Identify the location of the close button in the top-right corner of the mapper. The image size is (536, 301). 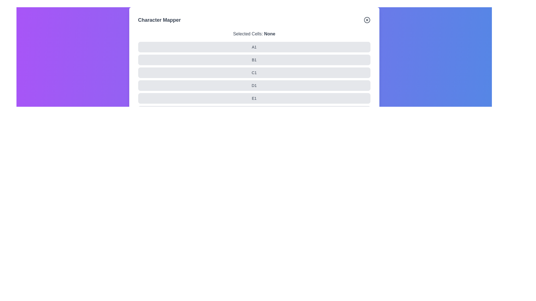
(367, 20).